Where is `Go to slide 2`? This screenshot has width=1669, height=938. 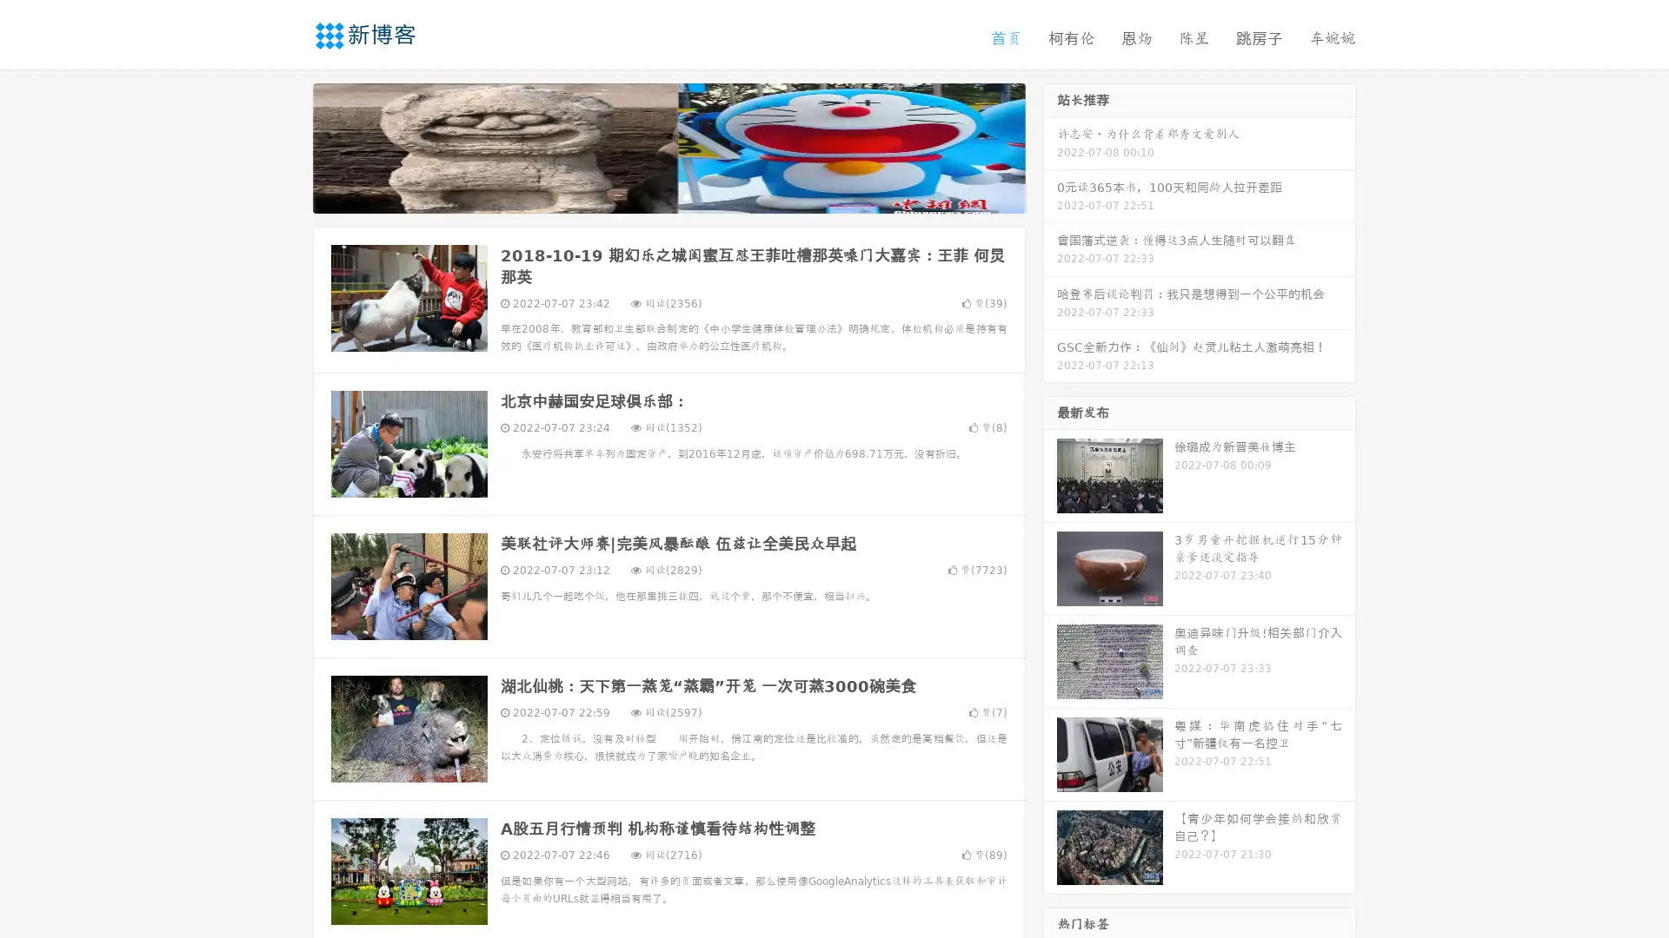 Go to slide 2 is located at coordinates (668, 195).